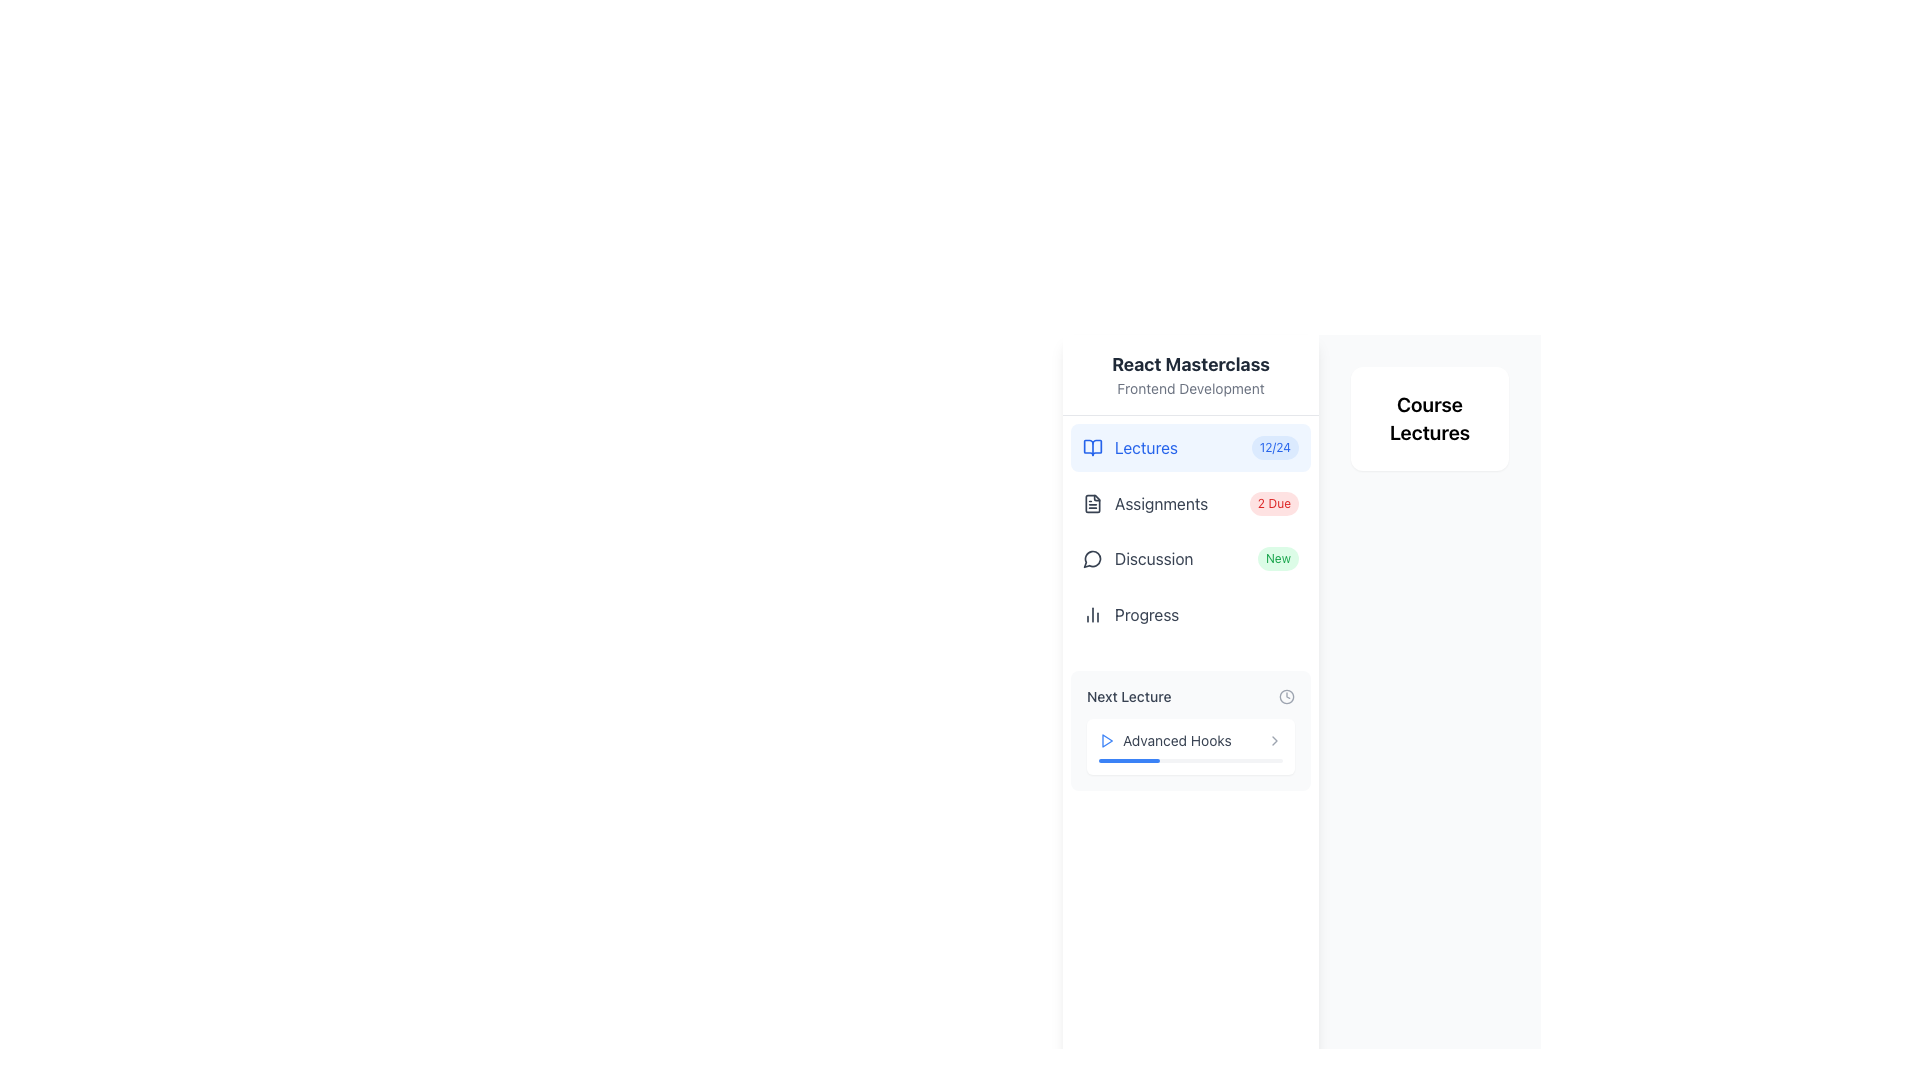 The image size is (1919, 1079). What do you see at coordinates (1273, 503) in the screenshot?
I see `the small badge with a light red background and red text indicating '2 Due', located to the far right within the 'Assignments' row` at bounding box center [1273, 503].